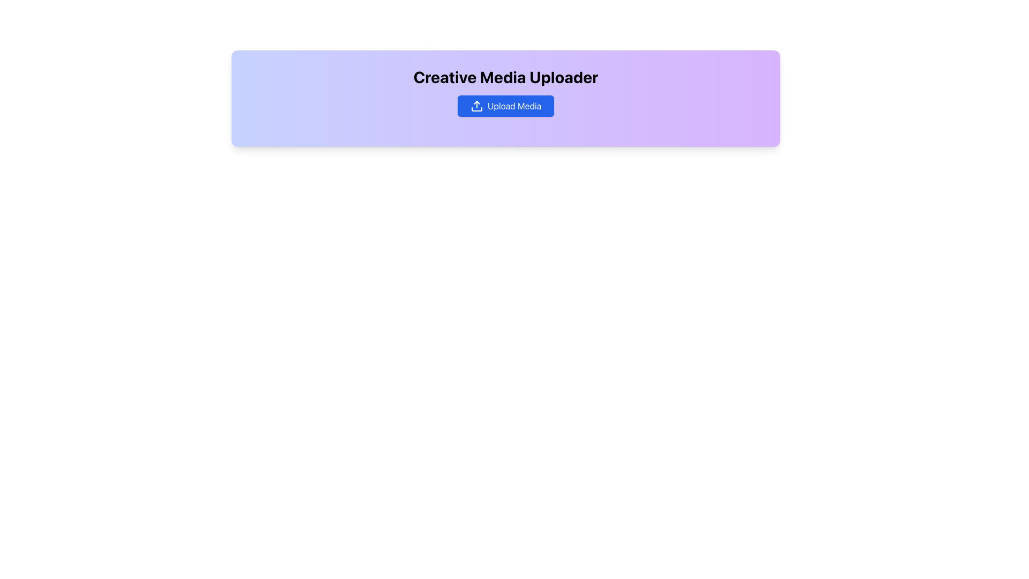  Describe the element at coordinates (505, 106) in the screenshot. I see `the file upload button located beneath the 'Creative Media Uploader' text in the gradient-colored section` at that location.